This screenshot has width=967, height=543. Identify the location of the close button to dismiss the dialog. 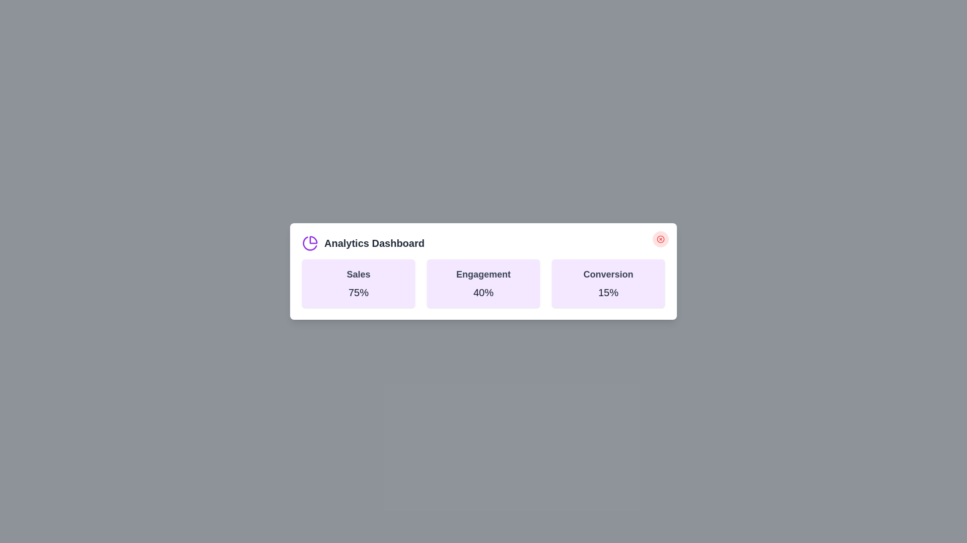
(660, 239).